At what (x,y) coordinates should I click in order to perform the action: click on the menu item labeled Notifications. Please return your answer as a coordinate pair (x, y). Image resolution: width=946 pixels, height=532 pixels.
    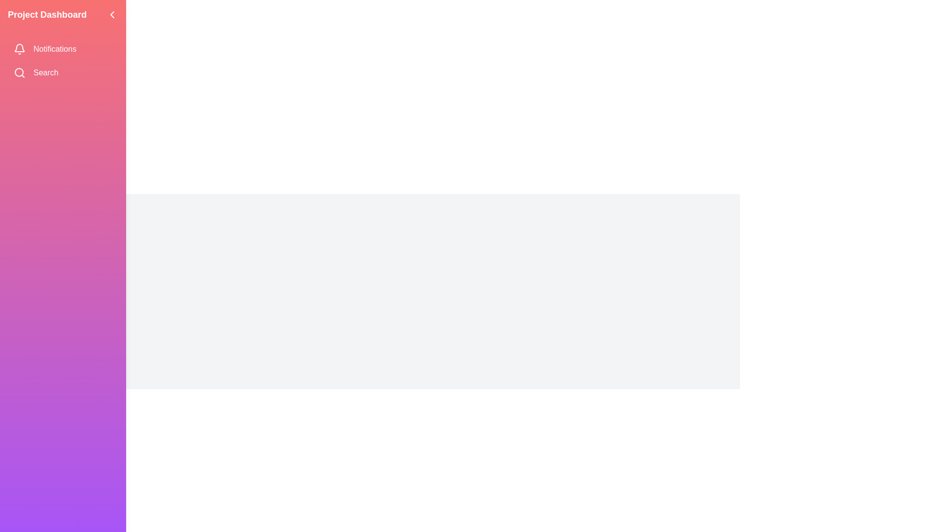
    Looking at the image, I should click on (63, 49).